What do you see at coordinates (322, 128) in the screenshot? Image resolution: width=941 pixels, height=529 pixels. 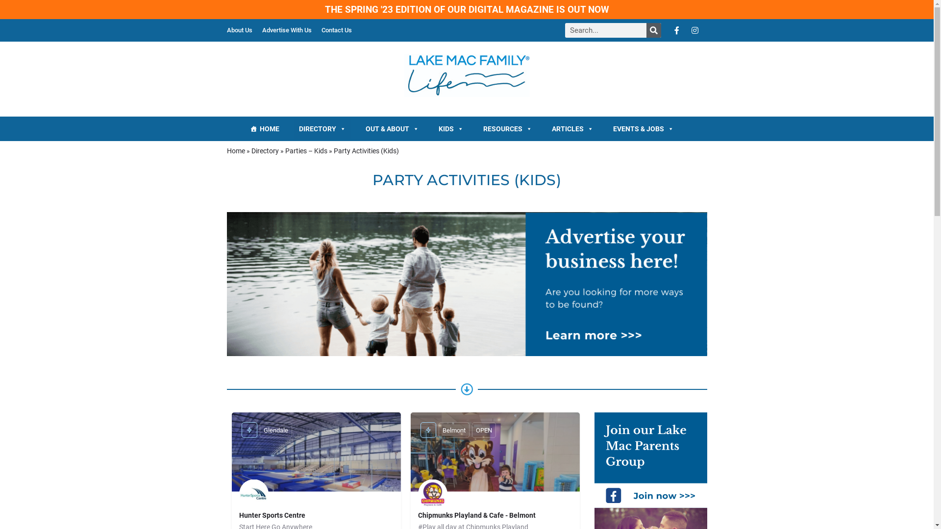 I see `'DIRECTORY'` at bounding box center [322, 128].